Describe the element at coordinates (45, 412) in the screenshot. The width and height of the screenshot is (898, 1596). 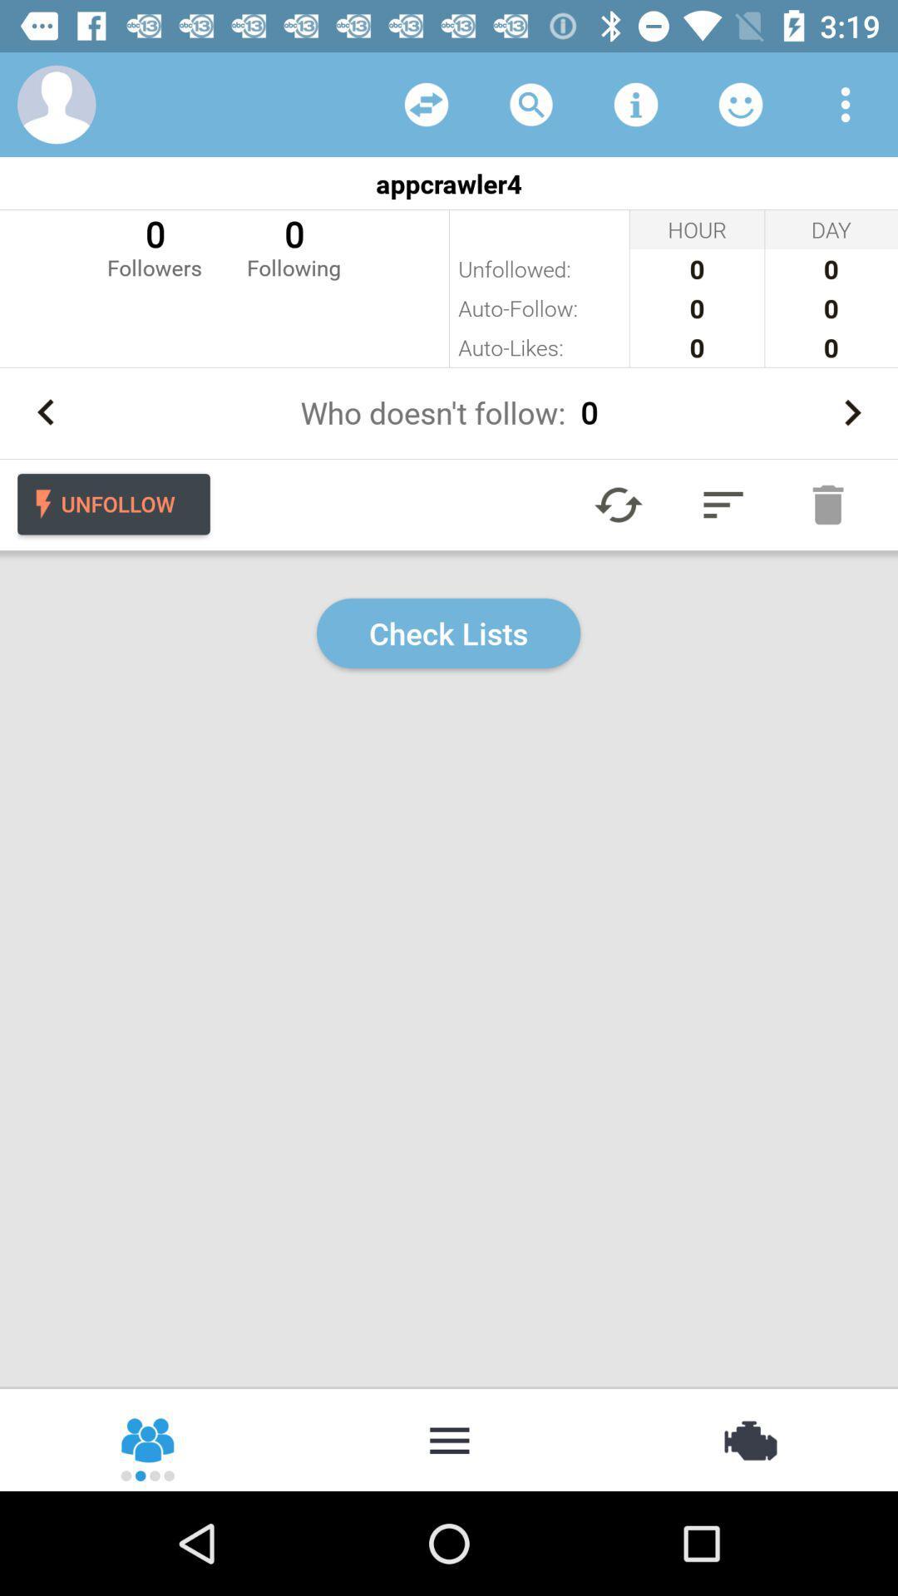
I see `the arrow_backward icon` at that location.